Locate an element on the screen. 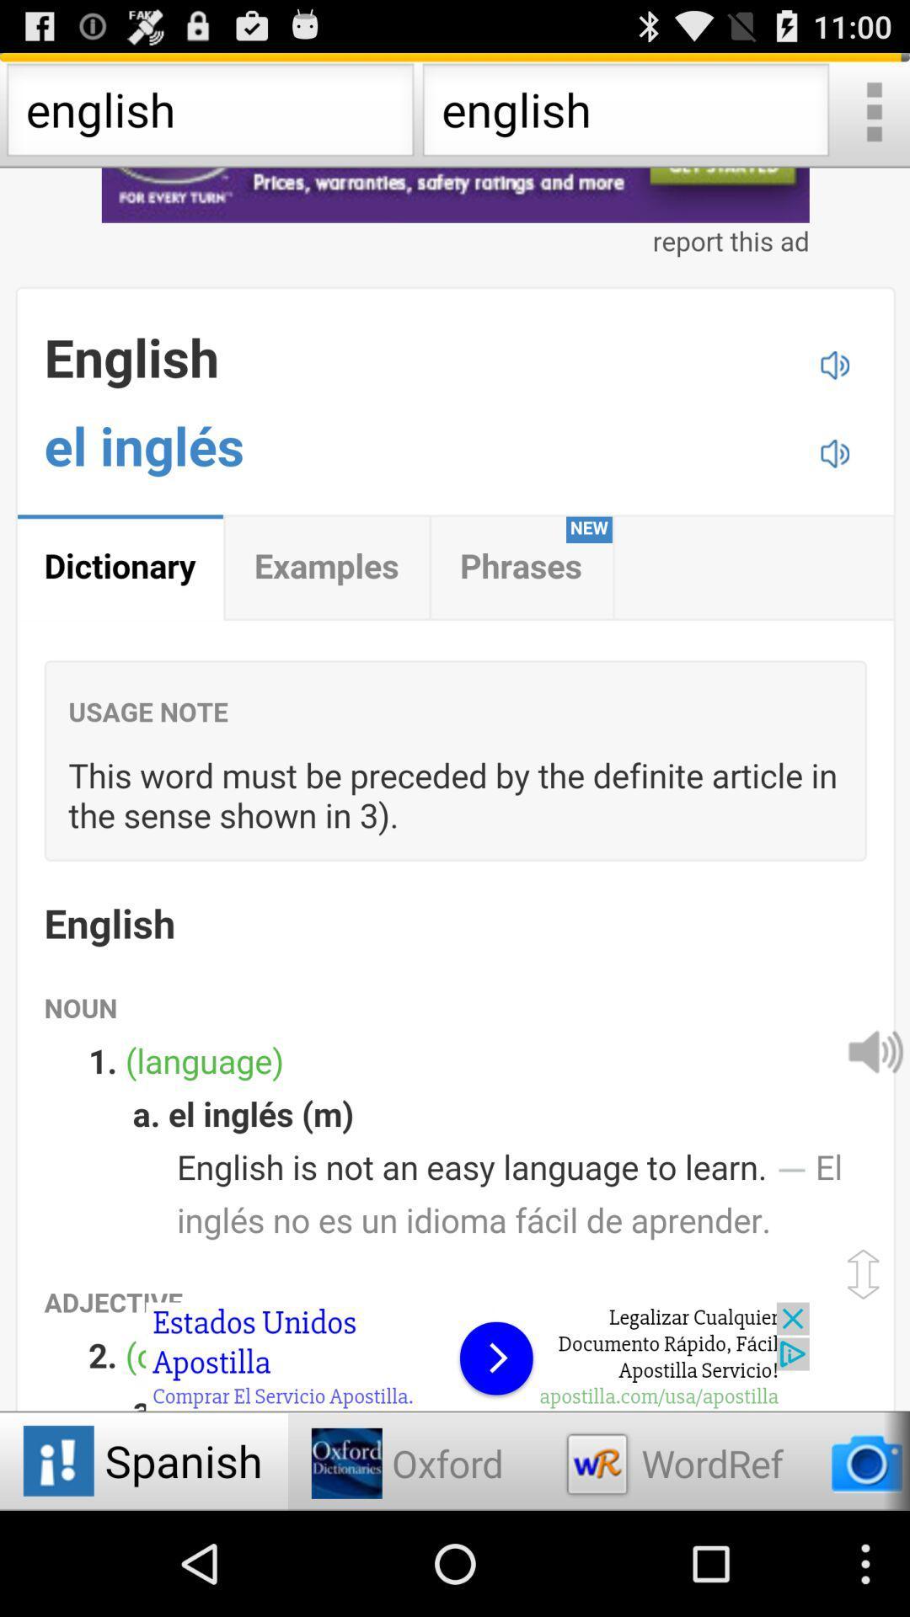 The height and width of the screenshot is (1617, 910). expand menu is located at coordinates (872, 114).